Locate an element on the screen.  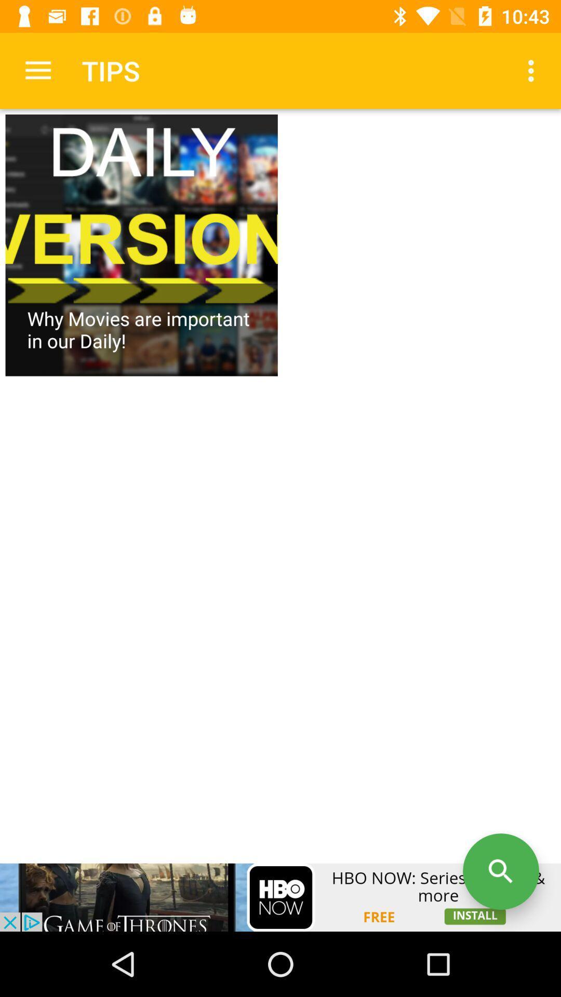
advertisement is located at coordinates (280, 897).